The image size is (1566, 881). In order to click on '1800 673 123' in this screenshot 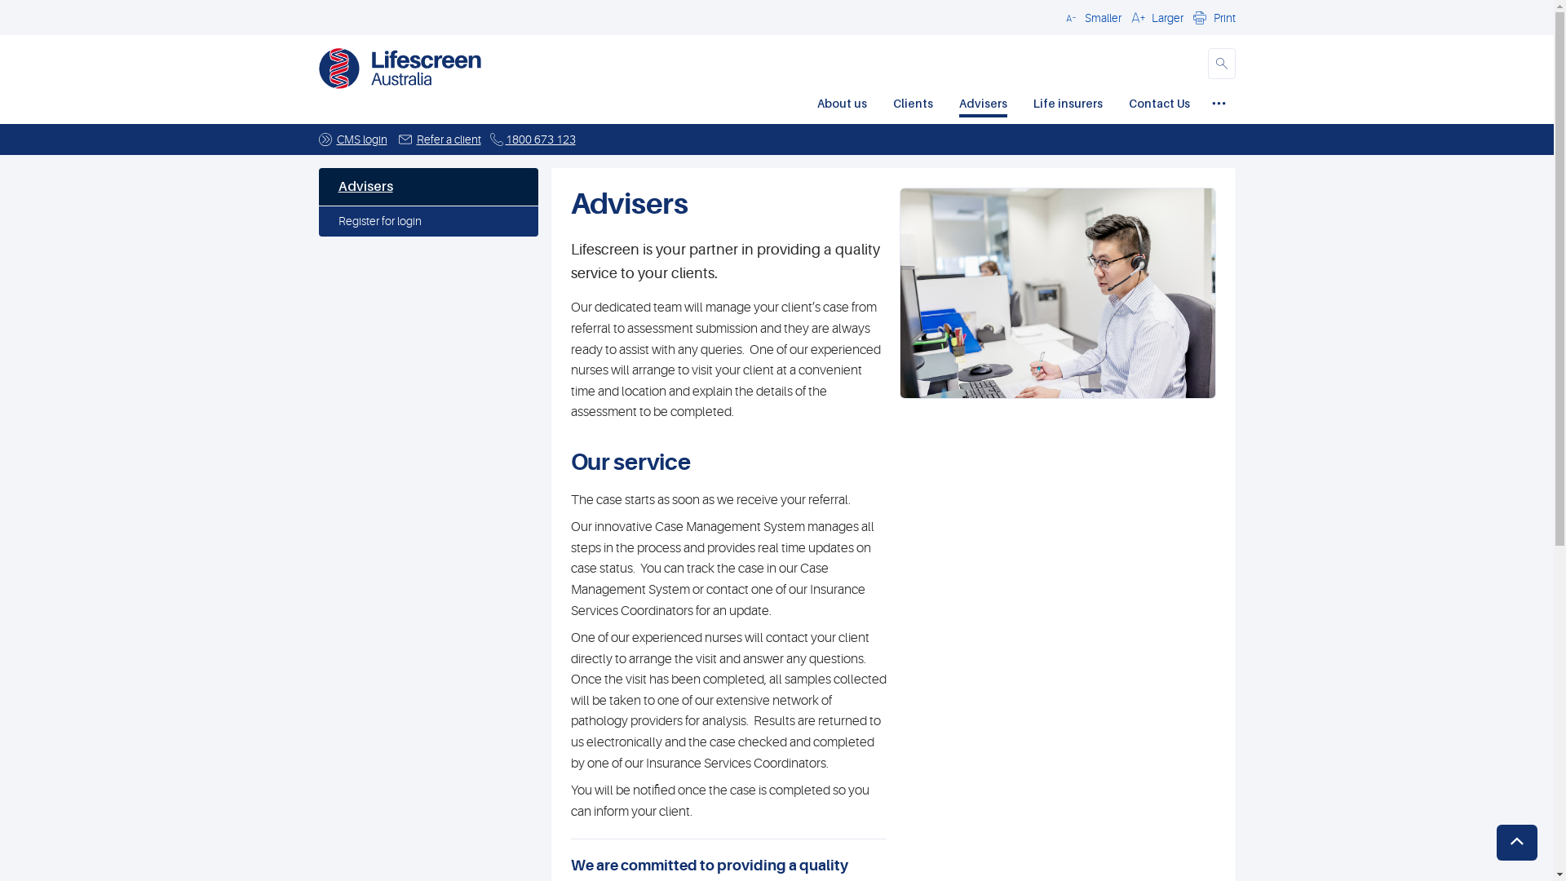, I will do `click(540, 138)`.